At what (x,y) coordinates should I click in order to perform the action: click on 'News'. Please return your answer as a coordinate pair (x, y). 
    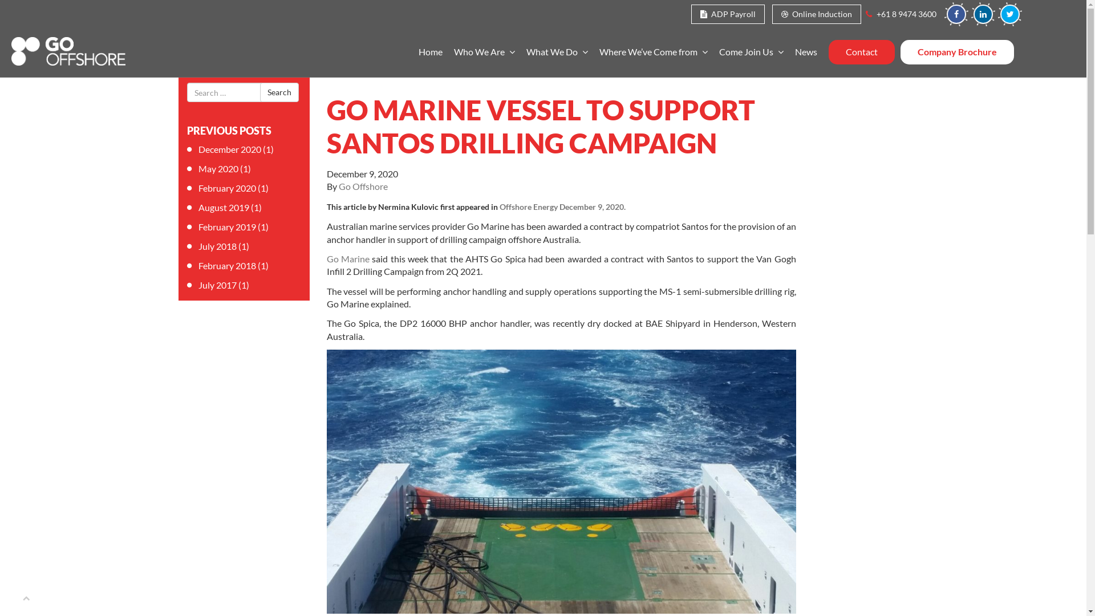
    Looking at the image, I should click on (805, 52).